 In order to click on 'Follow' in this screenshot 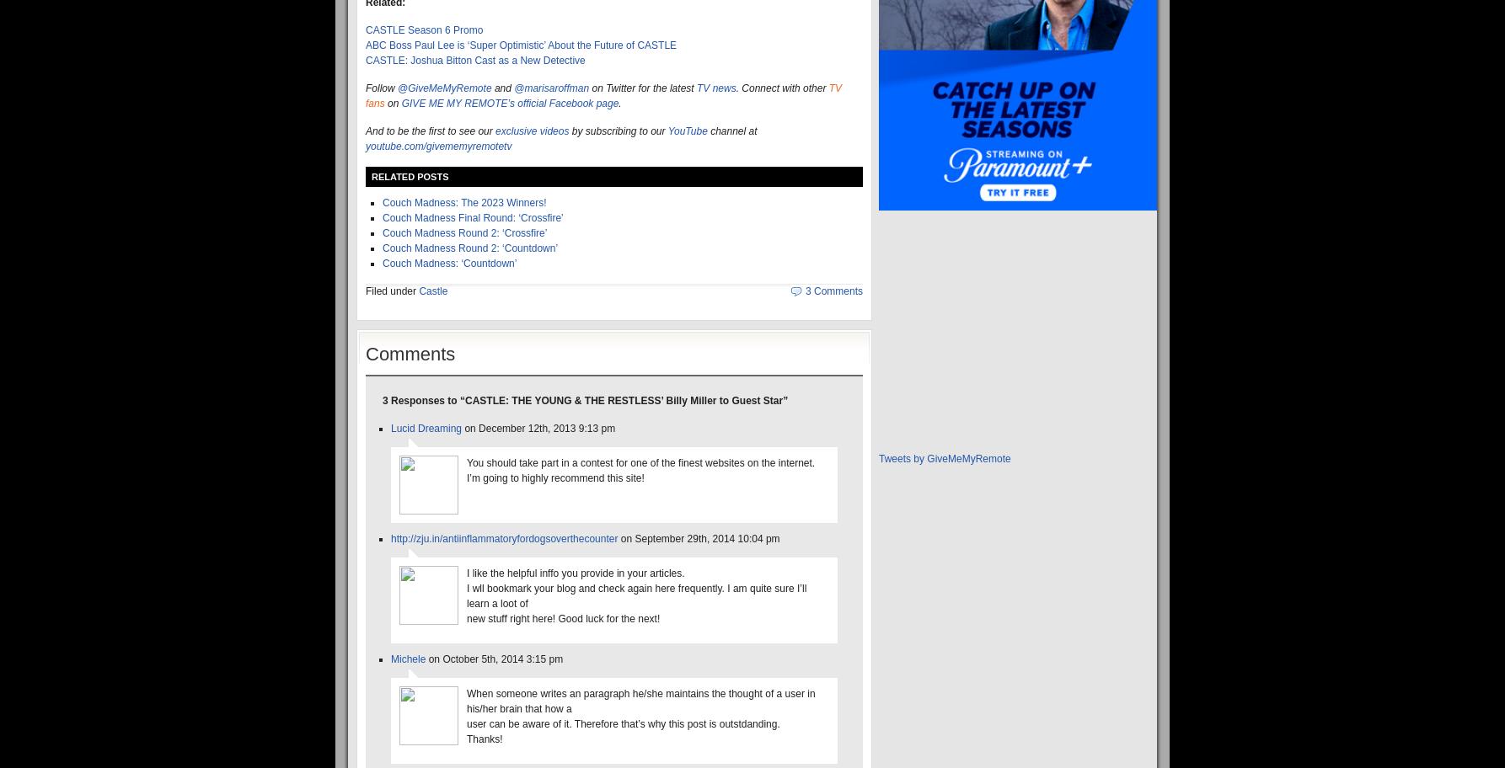, I will do `click(380, 88)`.